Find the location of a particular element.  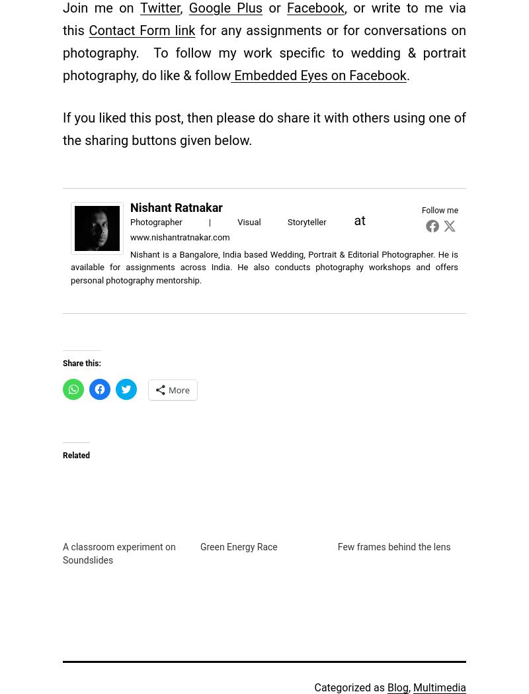

'Share this:' is located at coordinates (81, 363).